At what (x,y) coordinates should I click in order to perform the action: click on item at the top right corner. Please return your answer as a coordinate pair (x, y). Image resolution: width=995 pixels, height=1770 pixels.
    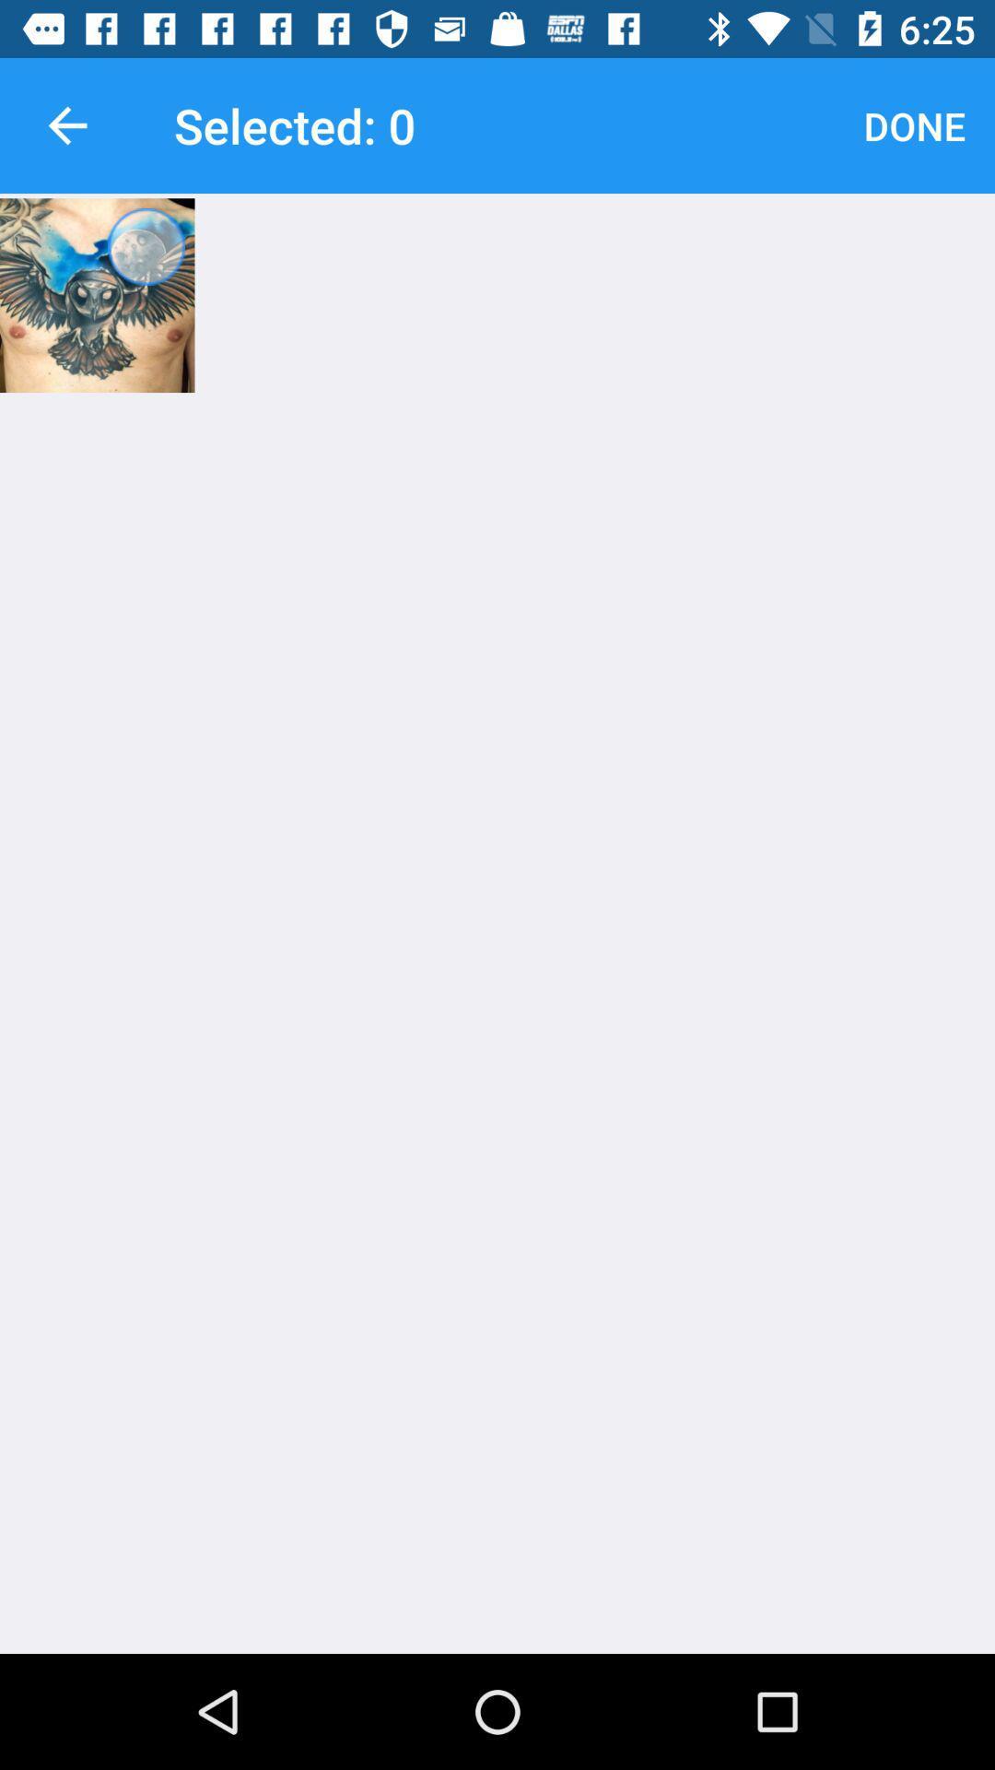
    Looking at the image, I should click on (914, 124).